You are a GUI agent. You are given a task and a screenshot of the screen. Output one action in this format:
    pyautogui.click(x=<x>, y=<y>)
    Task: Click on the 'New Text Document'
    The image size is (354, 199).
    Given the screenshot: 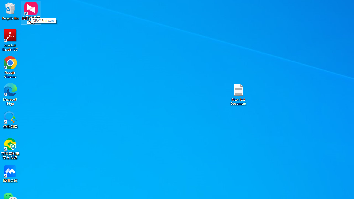 What is the action you would take?
    pyautogui.click(x=238, y=94)
    